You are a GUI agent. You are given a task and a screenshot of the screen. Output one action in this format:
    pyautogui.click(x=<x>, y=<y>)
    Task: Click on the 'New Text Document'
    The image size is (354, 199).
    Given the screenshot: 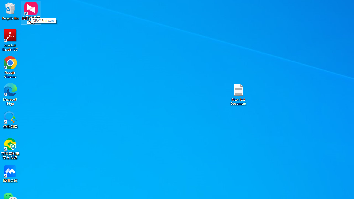 What is the action you would take?
    pyautogui.click(x=238, y=94)
    